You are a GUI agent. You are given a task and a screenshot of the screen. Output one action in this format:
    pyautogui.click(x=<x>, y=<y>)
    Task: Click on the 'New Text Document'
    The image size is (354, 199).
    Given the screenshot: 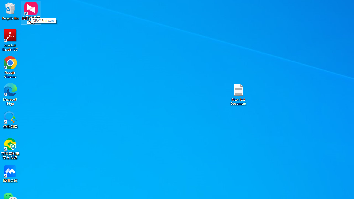 What is the action you would take?
    pyautogui.click(x=238, y=94)
    